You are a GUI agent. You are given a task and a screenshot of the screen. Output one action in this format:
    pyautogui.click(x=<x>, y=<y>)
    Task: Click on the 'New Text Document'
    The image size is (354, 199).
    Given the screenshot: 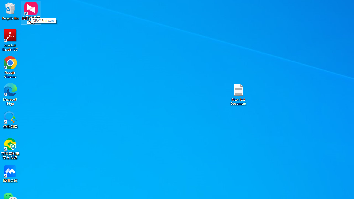 What is the action you would take?
    pyautogui.click(x=238, y=94)
    